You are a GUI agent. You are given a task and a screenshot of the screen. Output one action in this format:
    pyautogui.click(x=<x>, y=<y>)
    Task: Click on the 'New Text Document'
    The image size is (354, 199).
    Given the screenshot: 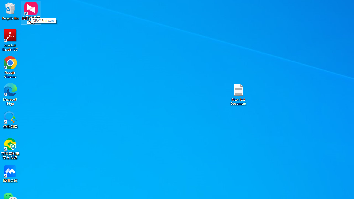 What is the action you would take?
    pyautogui.click(x=238, y=94)
    